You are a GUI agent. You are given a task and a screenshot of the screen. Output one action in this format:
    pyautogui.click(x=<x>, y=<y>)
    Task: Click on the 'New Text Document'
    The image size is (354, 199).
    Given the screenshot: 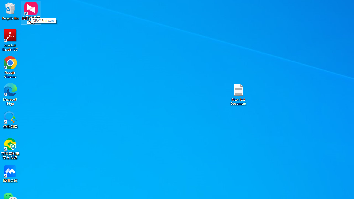 What is the action you would take?
    pyautogui.click(x=238, y=94)
    